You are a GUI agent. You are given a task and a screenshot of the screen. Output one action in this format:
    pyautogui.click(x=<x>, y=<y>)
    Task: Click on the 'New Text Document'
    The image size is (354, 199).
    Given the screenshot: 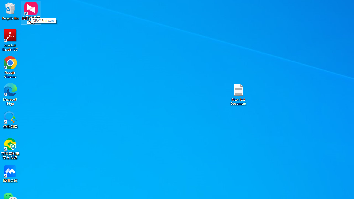 What is the action you would take?
    pyautogui.click(x=238, y=94)
    